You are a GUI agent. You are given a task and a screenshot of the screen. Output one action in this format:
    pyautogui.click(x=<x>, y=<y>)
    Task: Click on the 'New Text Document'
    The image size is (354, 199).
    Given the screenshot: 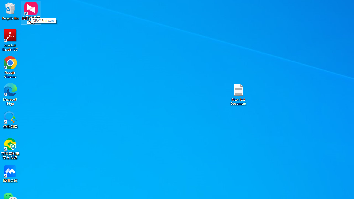 What is the action you would take?
    pyautogui.click(x=238, y=94)
    